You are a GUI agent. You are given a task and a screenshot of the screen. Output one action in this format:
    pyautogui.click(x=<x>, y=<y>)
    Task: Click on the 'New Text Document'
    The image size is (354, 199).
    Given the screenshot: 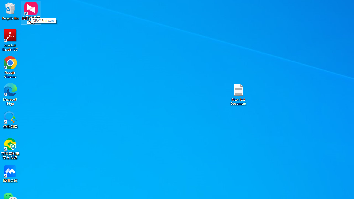 What is the action you would take?
    pyautogui.click(x=238, y=94)
    